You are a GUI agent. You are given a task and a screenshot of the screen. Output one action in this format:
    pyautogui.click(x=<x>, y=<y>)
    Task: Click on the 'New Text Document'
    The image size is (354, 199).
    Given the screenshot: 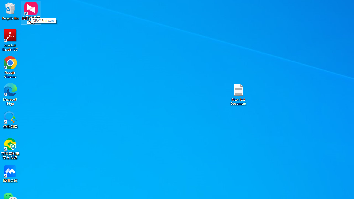 What is the action you would take?
    pyautogui.click(x=238, y=94)
    